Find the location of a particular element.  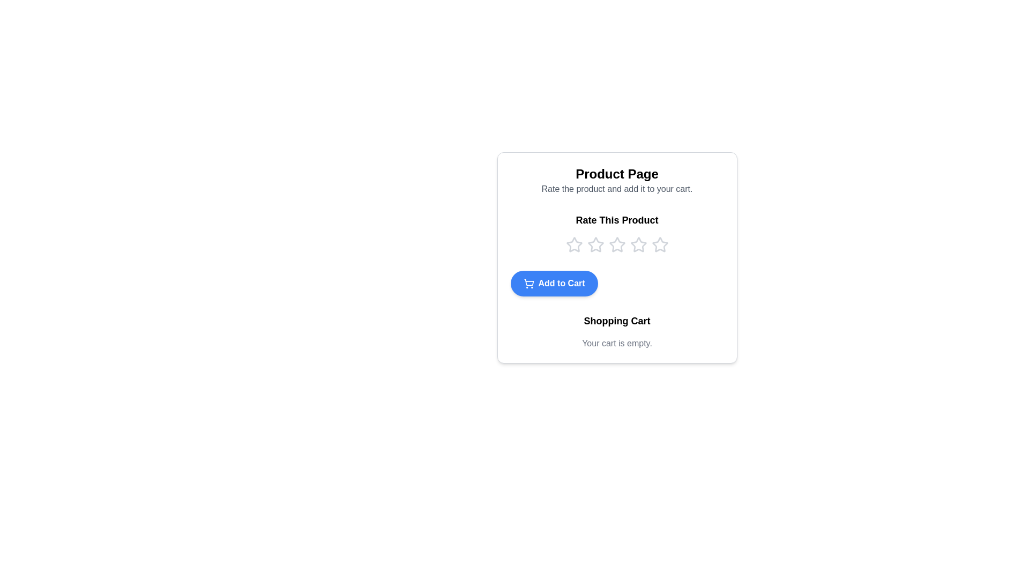

the second star icon in the rating mechanism located under the 'Rate This Product' text is located at coordinates (595, 244).